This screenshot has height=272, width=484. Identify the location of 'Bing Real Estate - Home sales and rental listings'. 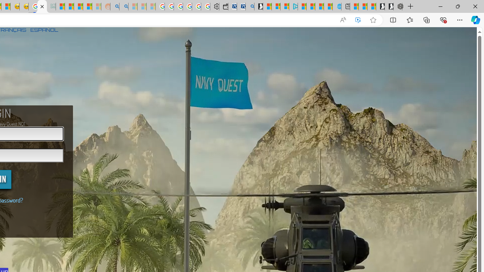
(250, 6).